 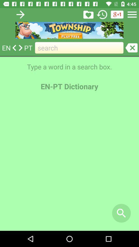 I want to click on click on advertisement, so click(x=69, y=30).